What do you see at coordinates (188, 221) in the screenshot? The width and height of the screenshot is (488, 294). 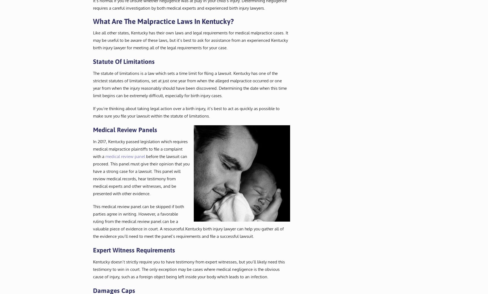 I see `'This medical review panel can be skipped if both parties agree in writing. However, a favorable ruling from the medical review panel can be a valuable piece of evidence in court. A resourceful Kentucky birth injury lawyer can help you gather all of the evidence you’ll need to meet the panel’s requirements and file a successful lawsuit.'` at bounding box center [188, 221].